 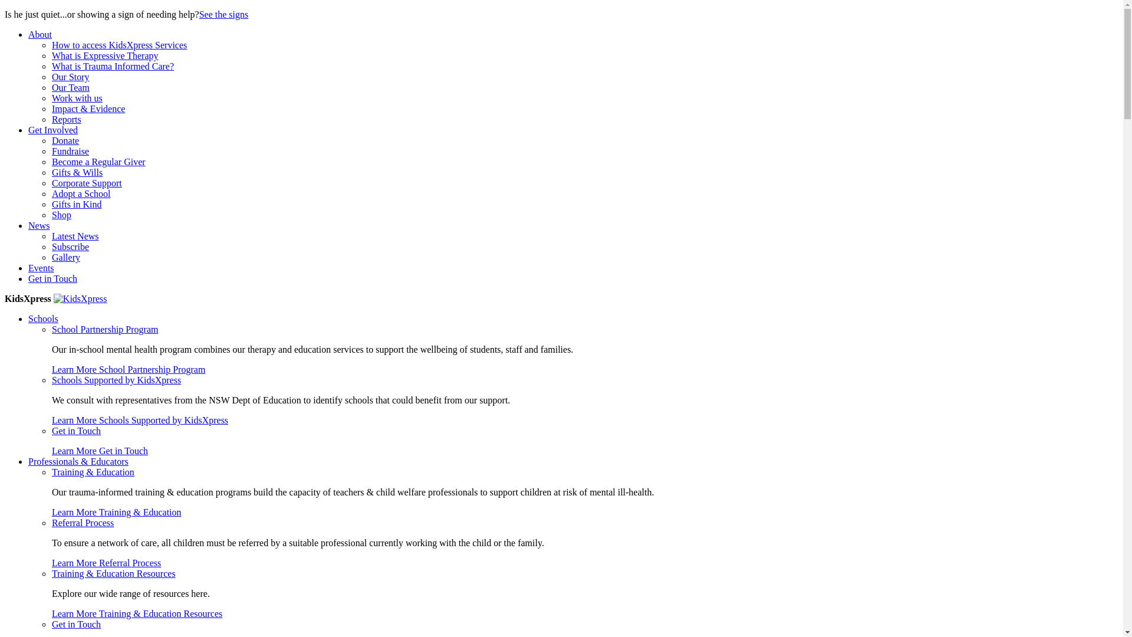 I want to click on 'Impact & Evidence', so click(x=87, y=109).